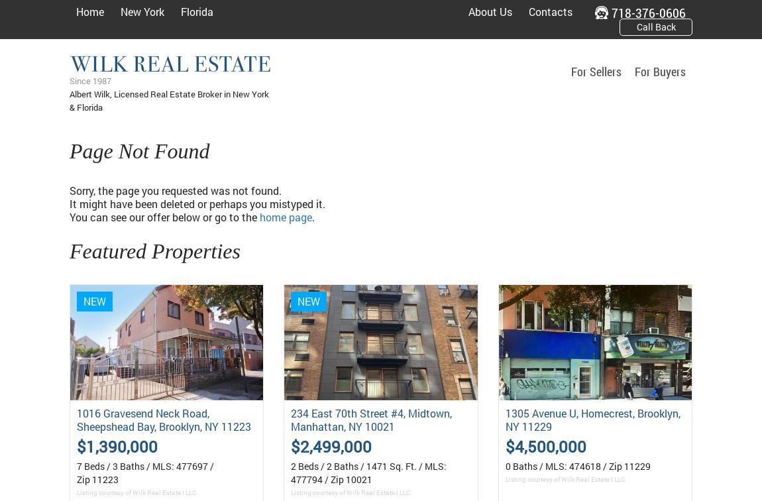  What do you see at coordinates (142, 11) in the screenshot?
I see `'New York'` at bounding box center [142, 11].